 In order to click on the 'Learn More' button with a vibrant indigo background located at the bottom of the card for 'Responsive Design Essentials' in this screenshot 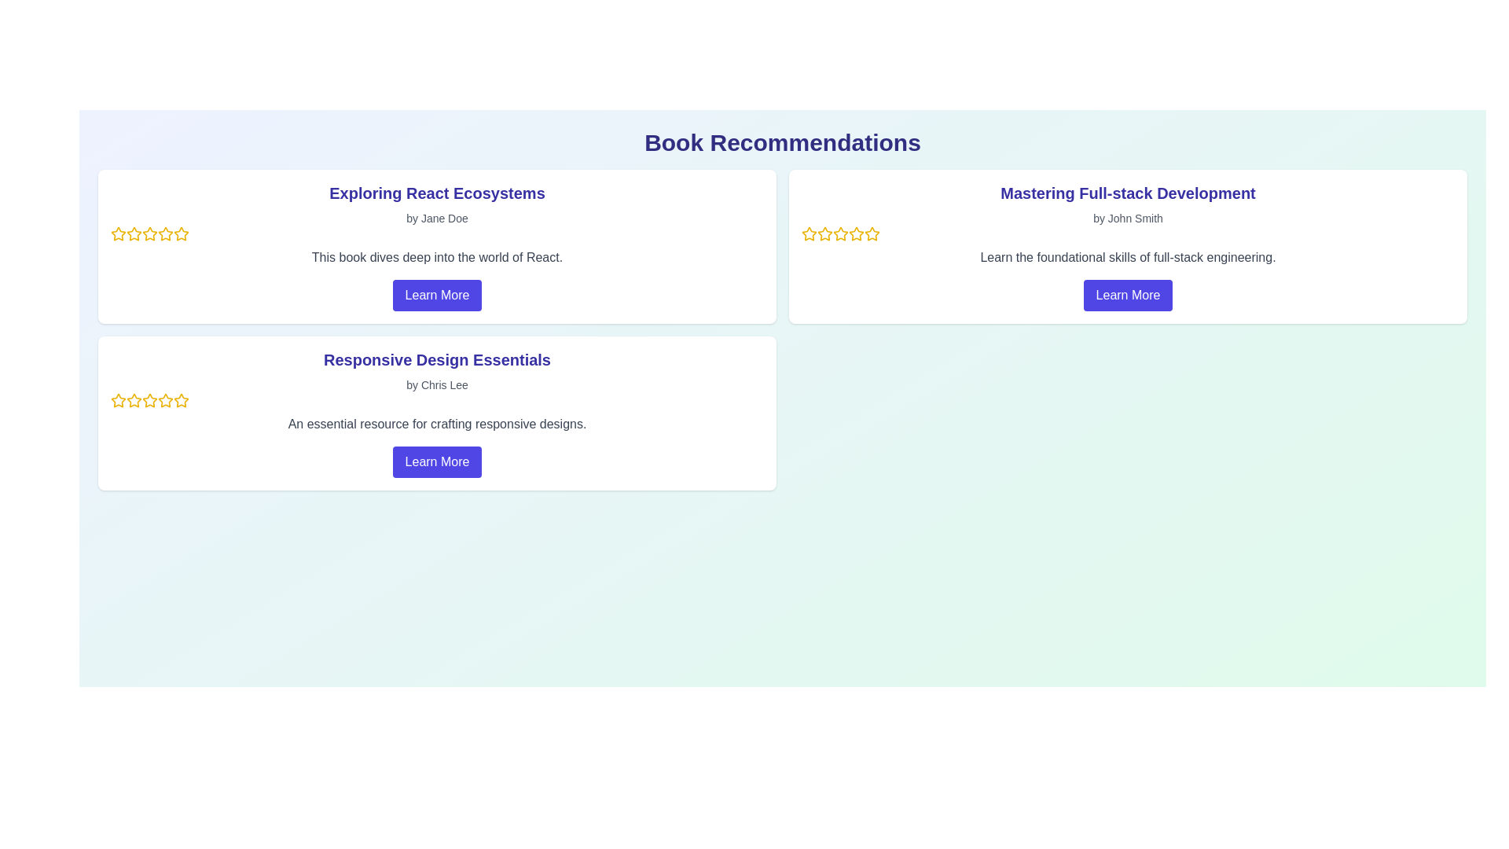, I will do `click(437, 461)`.